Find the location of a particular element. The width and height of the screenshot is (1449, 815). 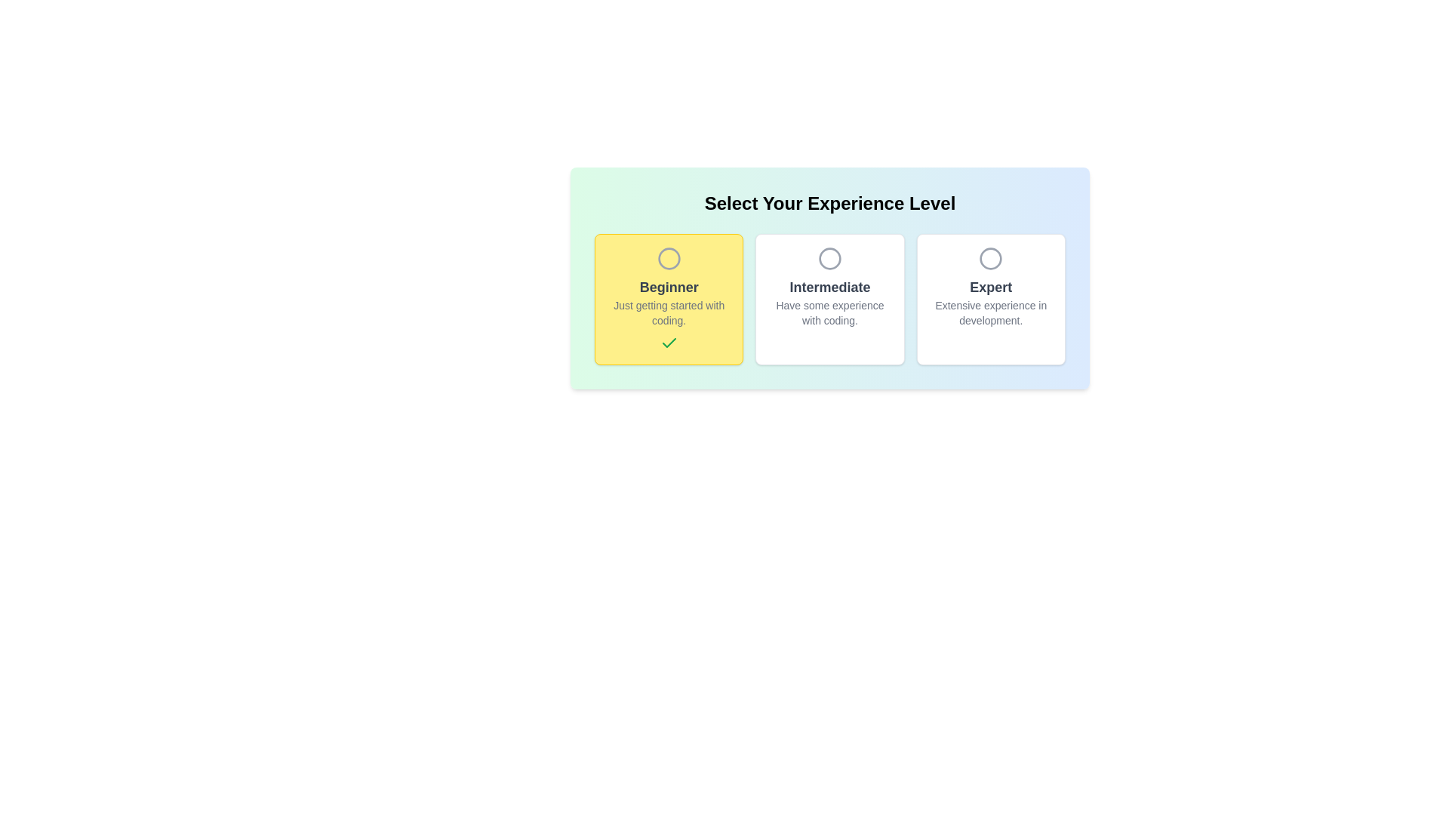

the checkmark icon that indicates the Beginner option has been selected, located inside the leftmost Beginner card in a horizontal grouping of three options is located at coordinates (668, 343).